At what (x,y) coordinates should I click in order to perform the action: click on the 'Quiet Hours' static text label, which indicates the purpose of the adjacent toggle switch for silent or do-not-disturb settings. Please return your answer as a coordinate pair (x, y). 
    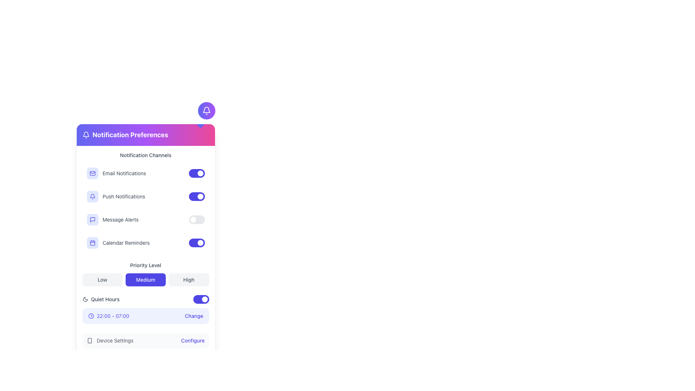
    Looking at the image, I should click on (105, 299).